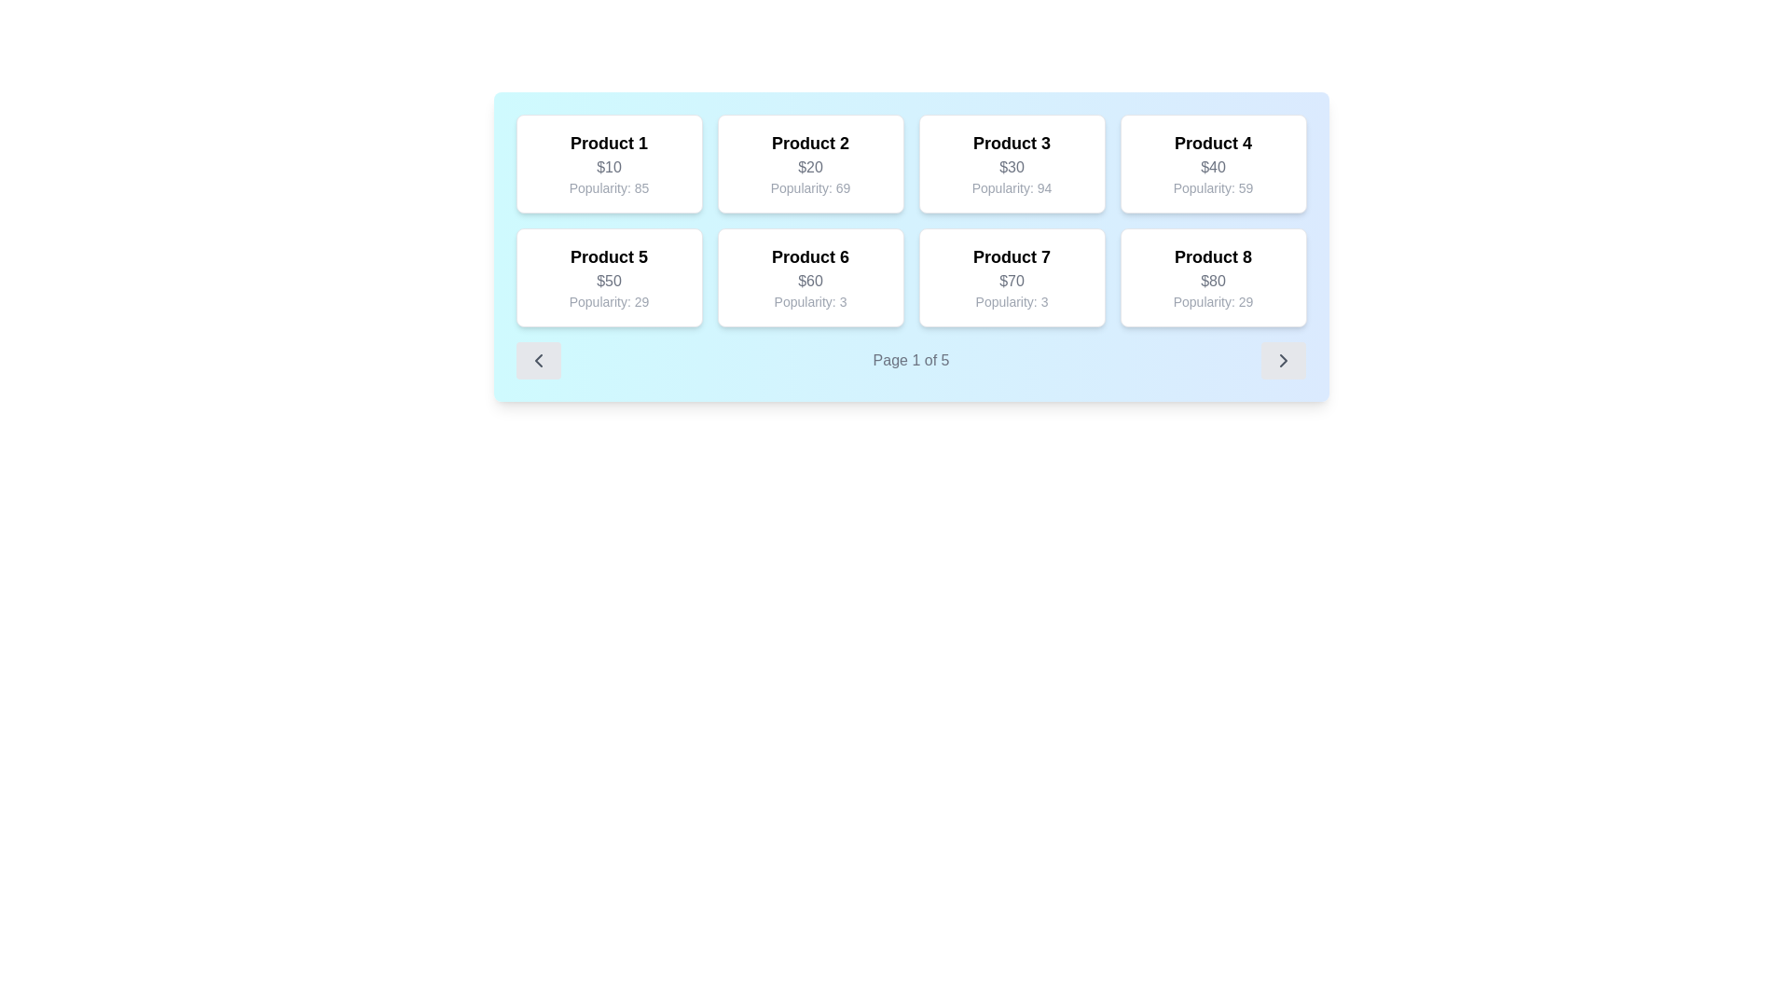 The width and height of the screenshot is (1790, 1007). What do you see at coordinates (1283, 360) in the screenshot?
I see `the rightmost Icon button with a graphical chevron icon` at bounding box center [1283, 360].